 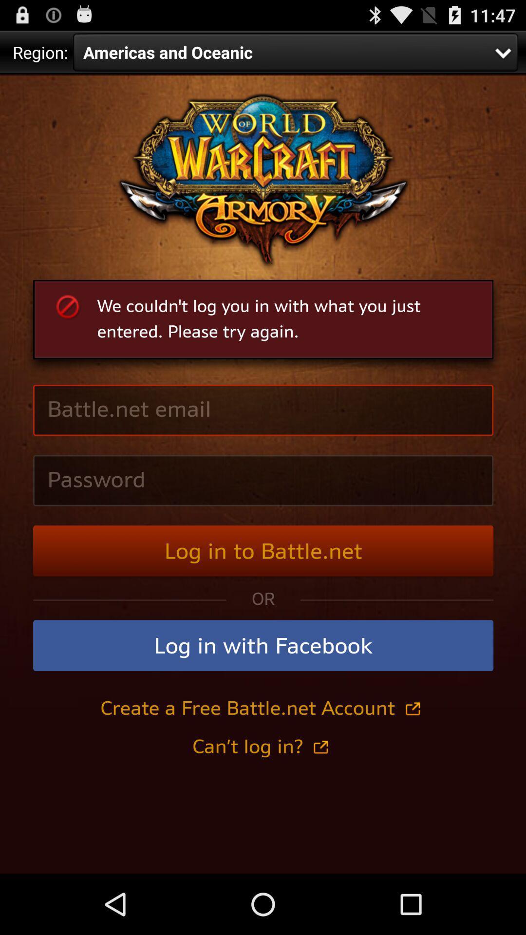 What do you see at coordinates (263, 474) in the screenshot?
I see `login page` at bounding box center [263, 474].